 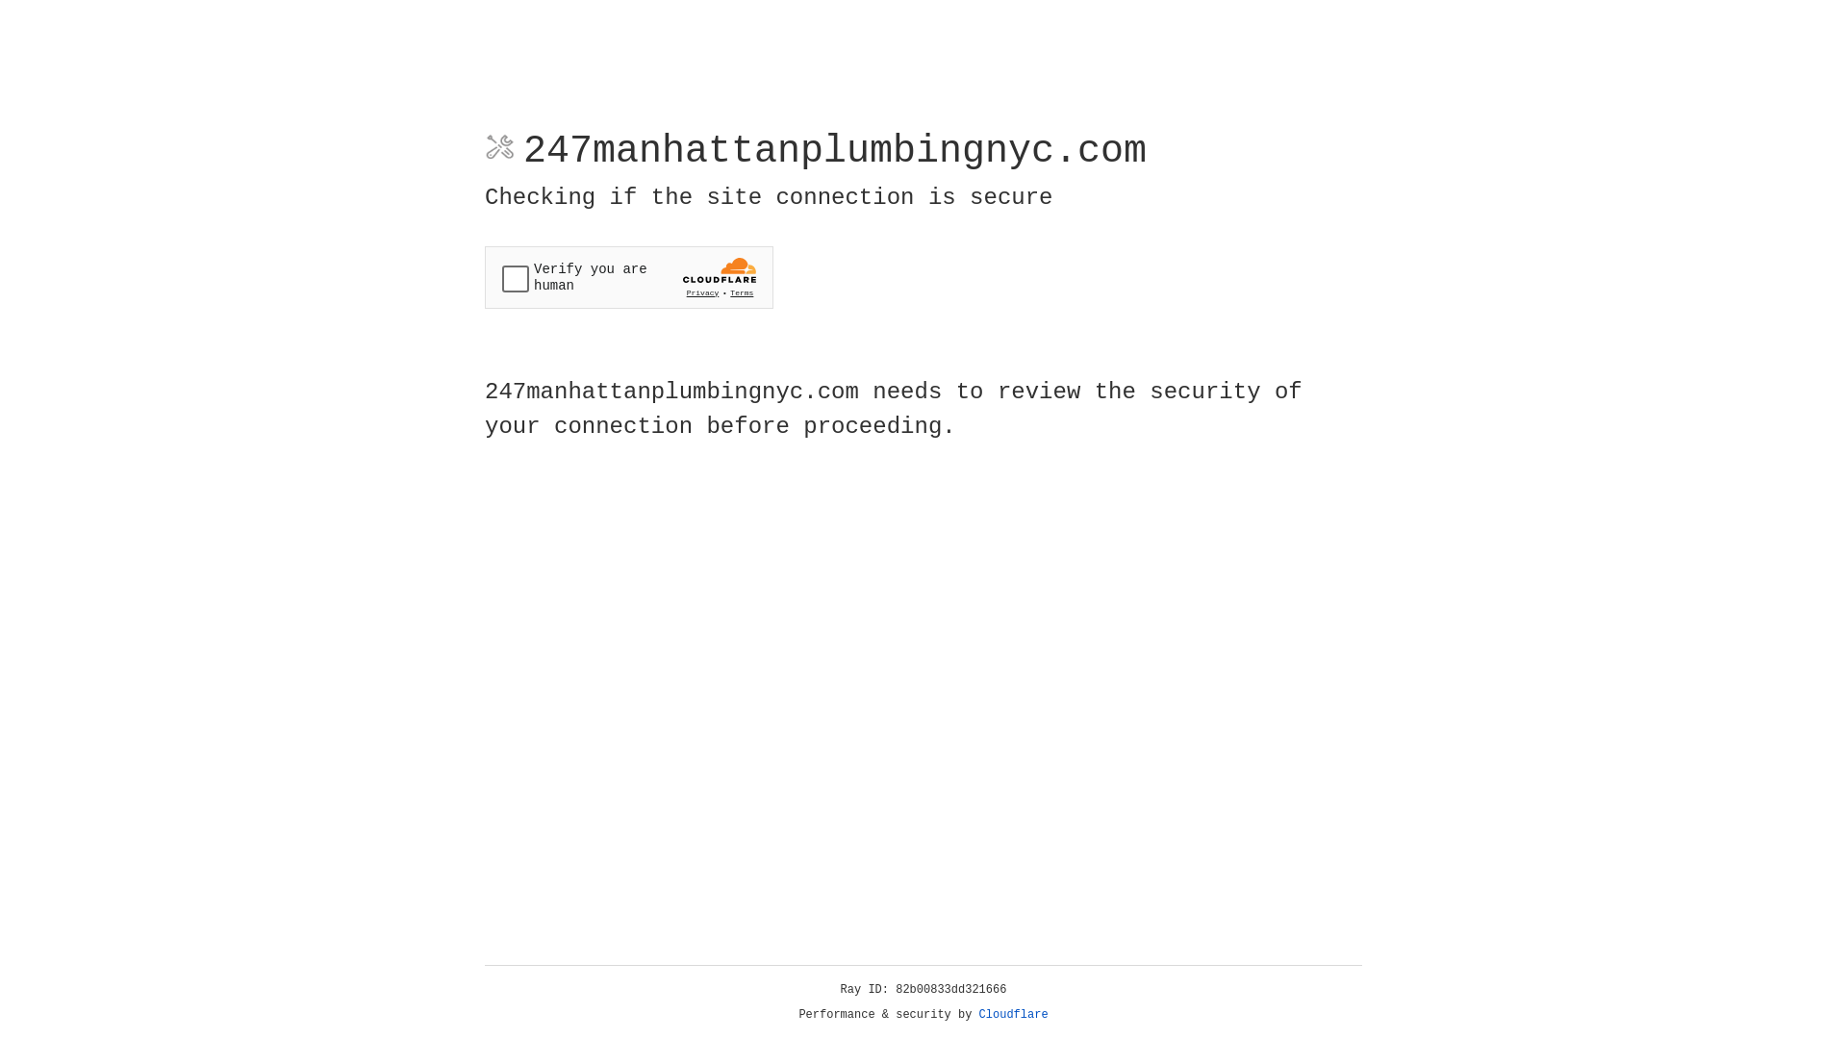 What do you see at coordinates (1013, 1014) in the screenshot?
I see `'Cloudflare'` at bounding box center [1013, 1014].